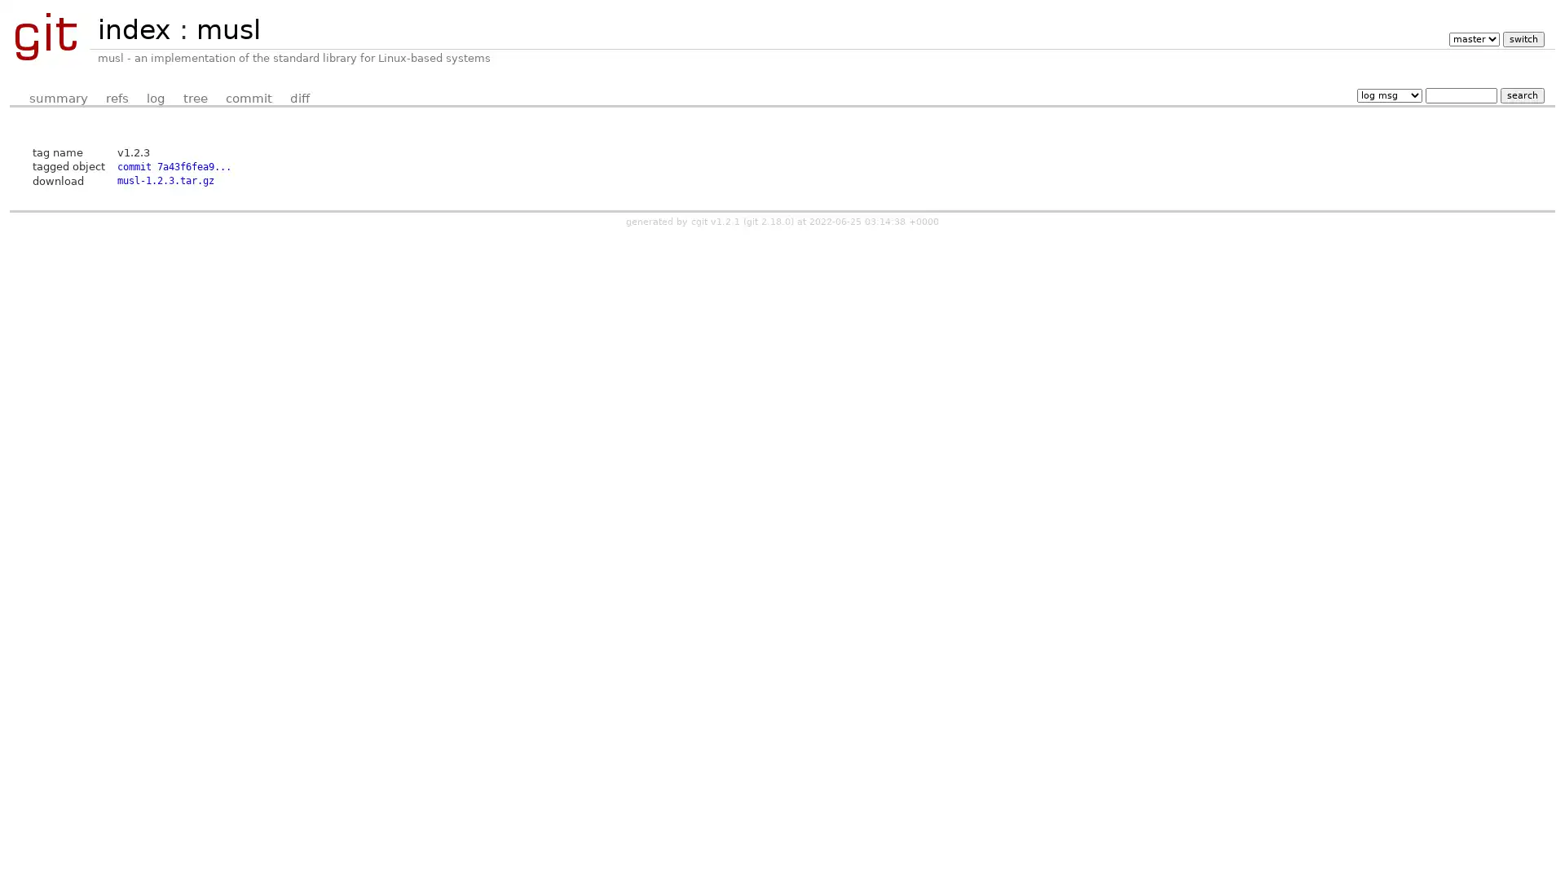  Describe the element at coordinates (1521, 95) in the screenshot. I see `search` at that location.